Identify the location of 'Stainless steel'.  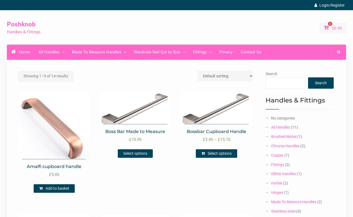
(283, 211).